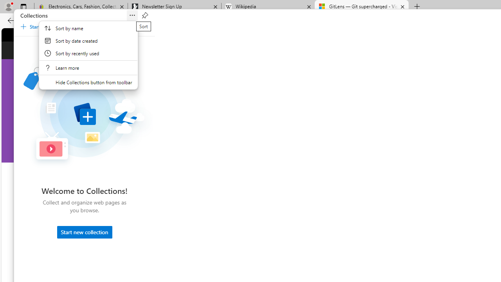 The width and height of the screenshot is (501, 282). What do you see at coordinates (88, 82) in the screenshot?
I see `'Hide Collections button from toolbar'` at bounding box center [88, 82].